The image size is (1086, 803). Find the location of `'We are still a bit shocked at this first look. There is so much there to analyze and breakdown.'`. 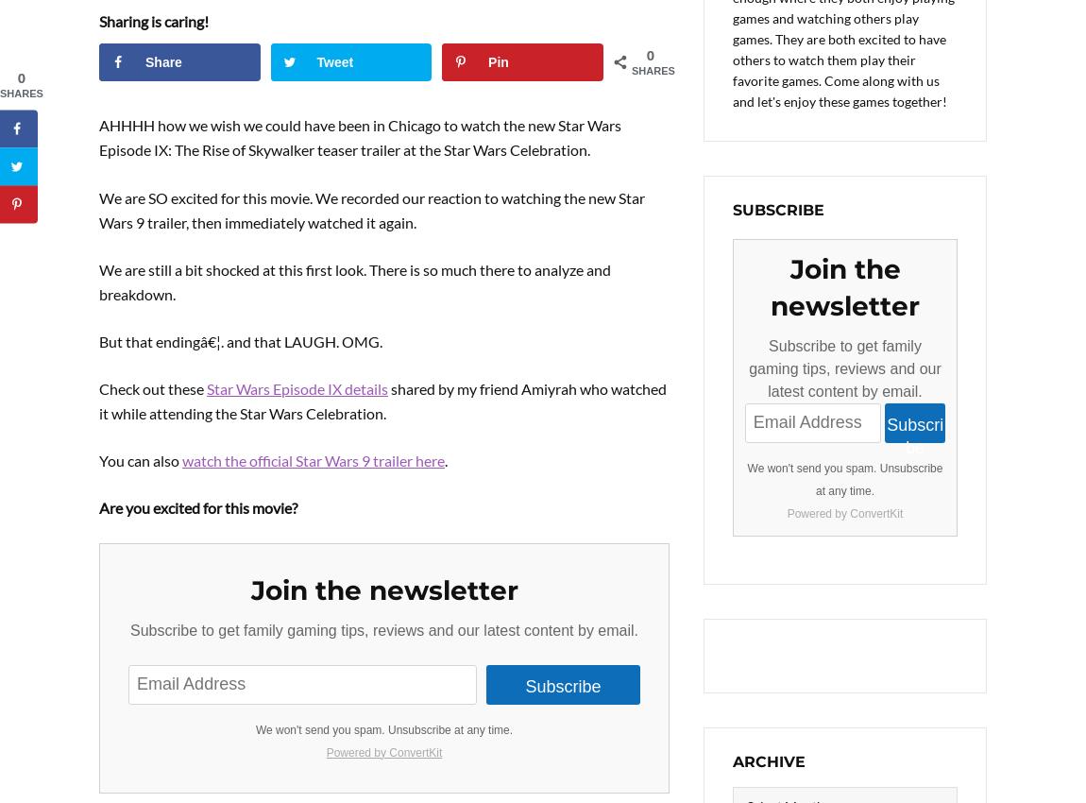

'We are still a bit shocked at this first look. There is so much there to analyze and breakdown.' is located at coordinates (355, 280).